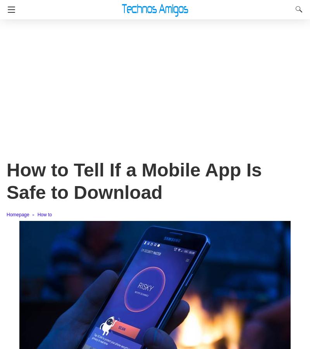 The width and height of the screenshot is (310, 349). What do you see at coordinates (136, 324) in the screenshot?
I see `'A high download rate means that the developer has established trustworthiness with its users.'` at bounding box center [136, 324].